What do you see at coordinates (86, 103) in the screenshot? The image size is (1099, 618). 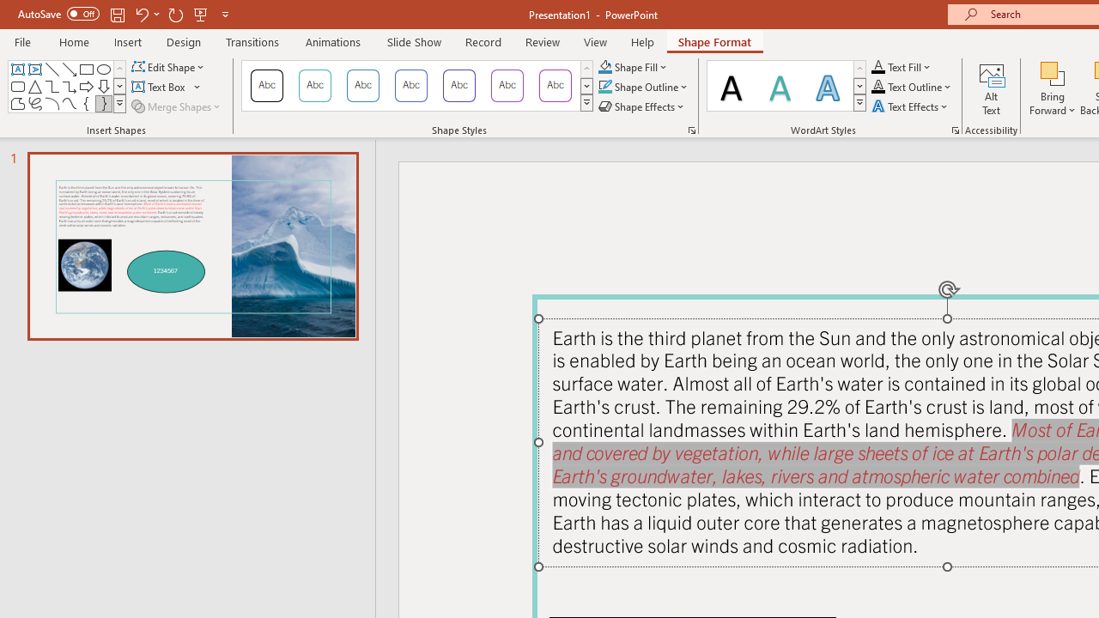 I see `'Left Brace'` at bounding box center [86, 103].